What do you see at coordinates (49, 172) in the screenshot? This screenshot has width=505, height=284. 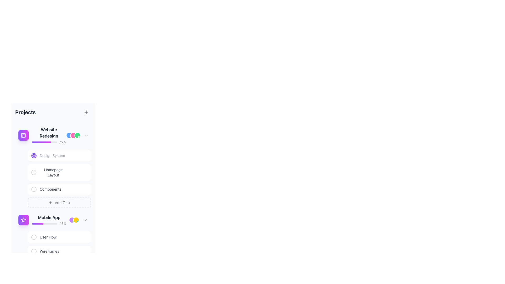 I see `the interactive circle selector of the first list item in the 'Website Redesign' project section to mark it for the 'Homepage Layout'` at bounding box center [49, 172].